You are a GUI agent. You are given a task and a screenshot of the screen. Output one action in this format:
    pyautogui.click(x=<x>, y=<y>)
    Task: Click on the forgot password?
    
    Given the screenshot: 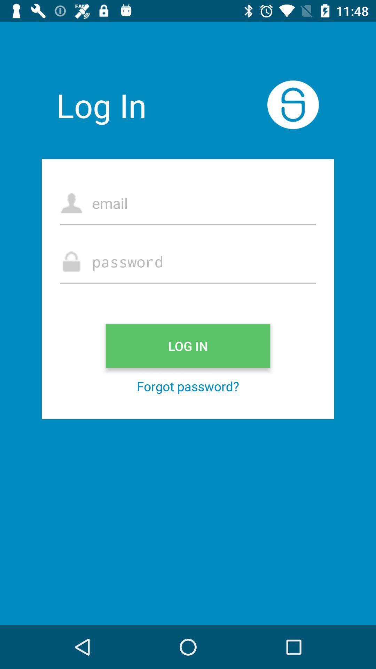 What is the action you would take?
    pyautogui.click(x=188, y=386)
    